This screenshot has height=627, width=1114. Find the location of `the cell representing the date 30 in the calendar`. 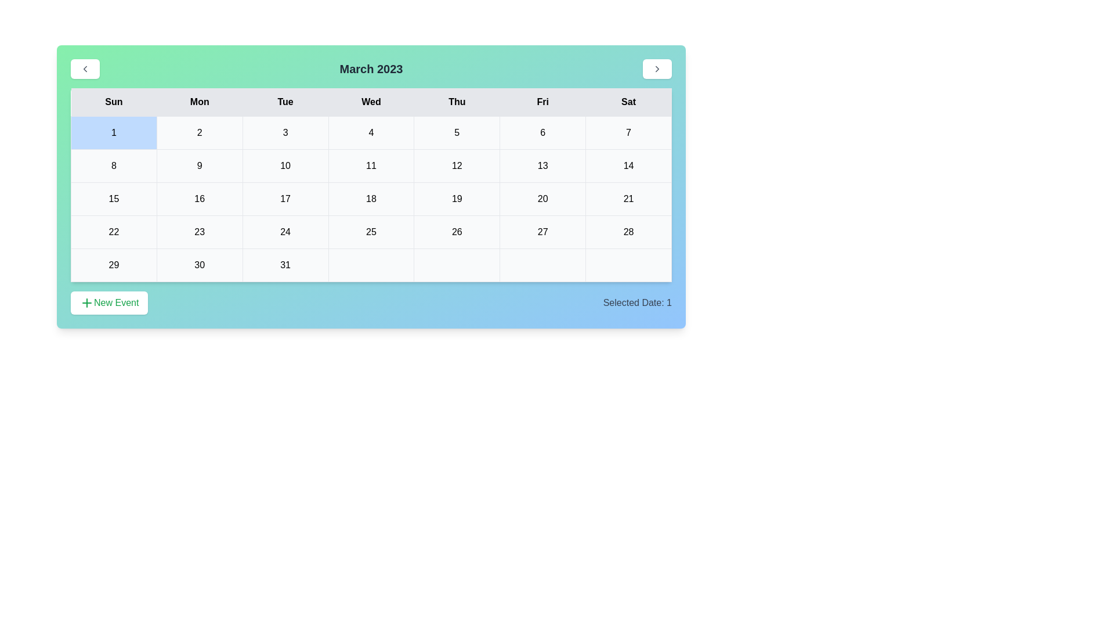

the cell representing the date 30 in the calendar is located at coordinates (200, 265).